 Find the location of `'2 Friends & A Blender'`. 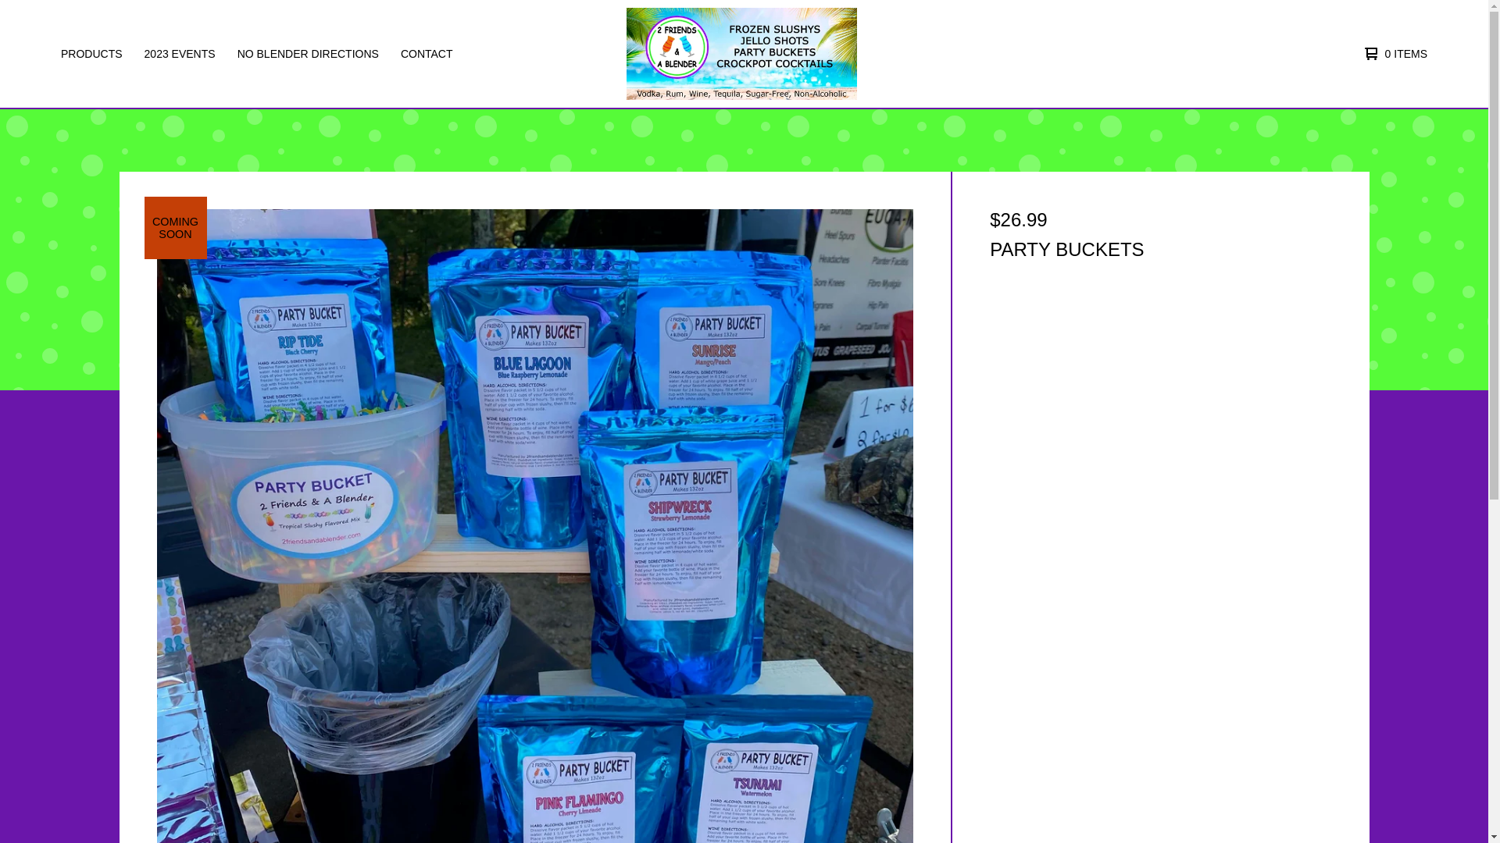

'2 Friends & A Blender' is located at coordinates (741, 53).